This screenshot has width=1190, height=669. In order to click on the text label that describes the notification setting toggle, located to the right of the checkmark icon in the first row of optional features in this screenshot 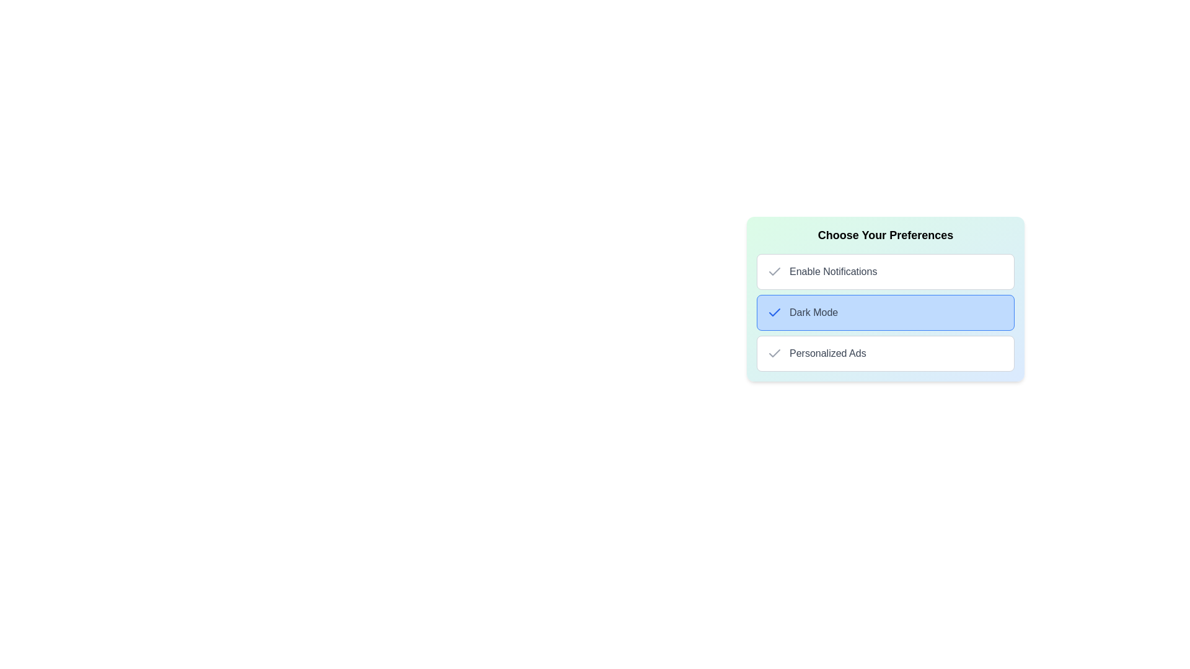, I will do `click(833, 271)`.